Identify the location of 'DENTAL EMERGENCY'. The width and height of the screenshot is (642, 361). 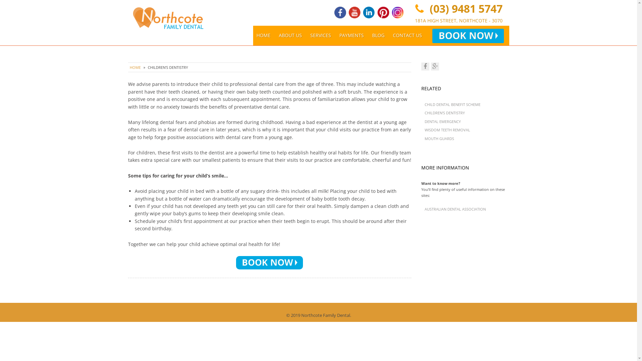
(443, 121).